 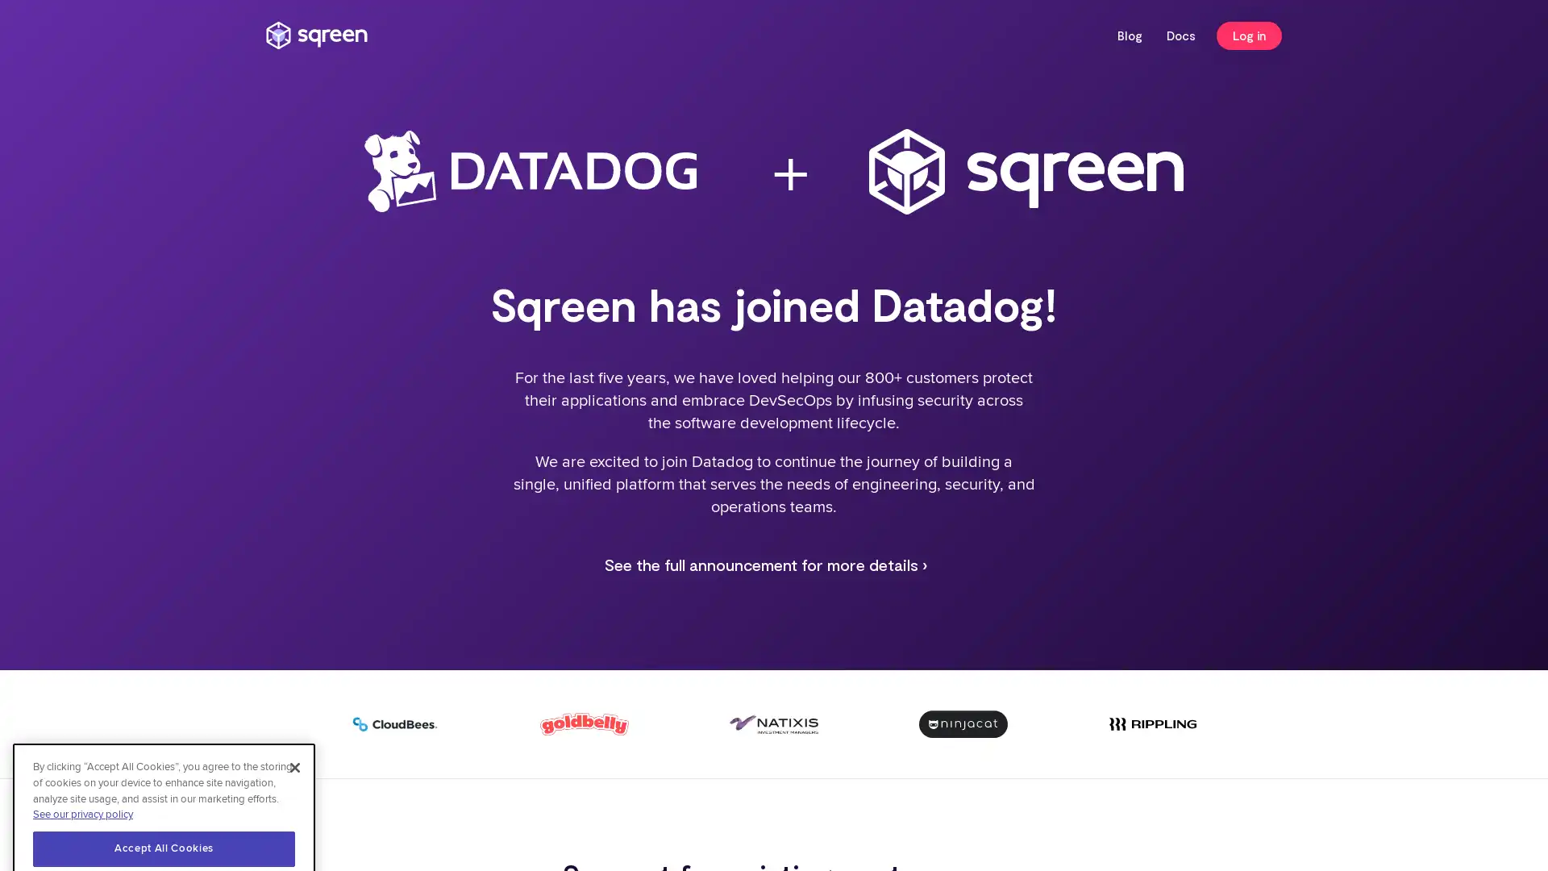 I want to click on Reject All, so click(x=164, y=811).